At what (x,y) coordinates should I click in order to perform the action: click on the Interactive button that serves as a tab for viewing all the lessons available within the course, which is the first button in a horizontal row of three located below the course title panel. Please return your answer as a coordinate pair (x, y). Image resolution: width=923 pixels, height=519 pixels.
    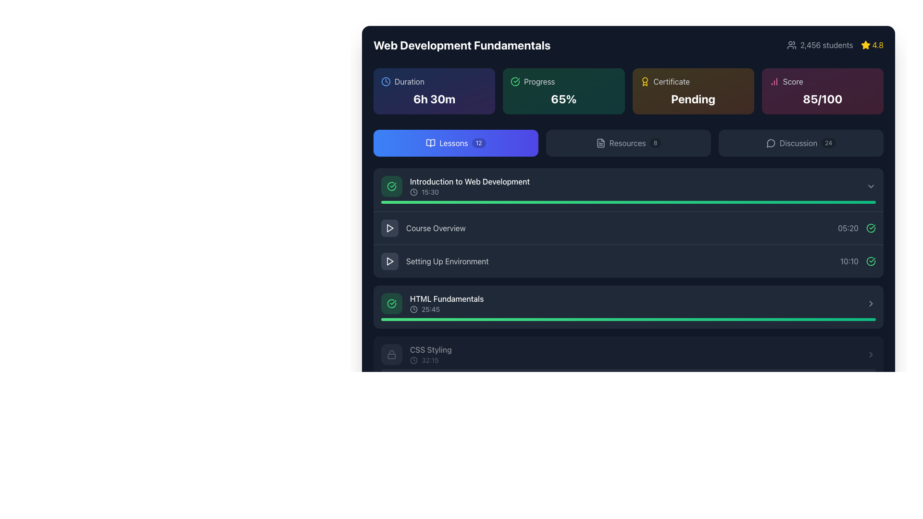
    Looking at the image, I should click on (455, 143).